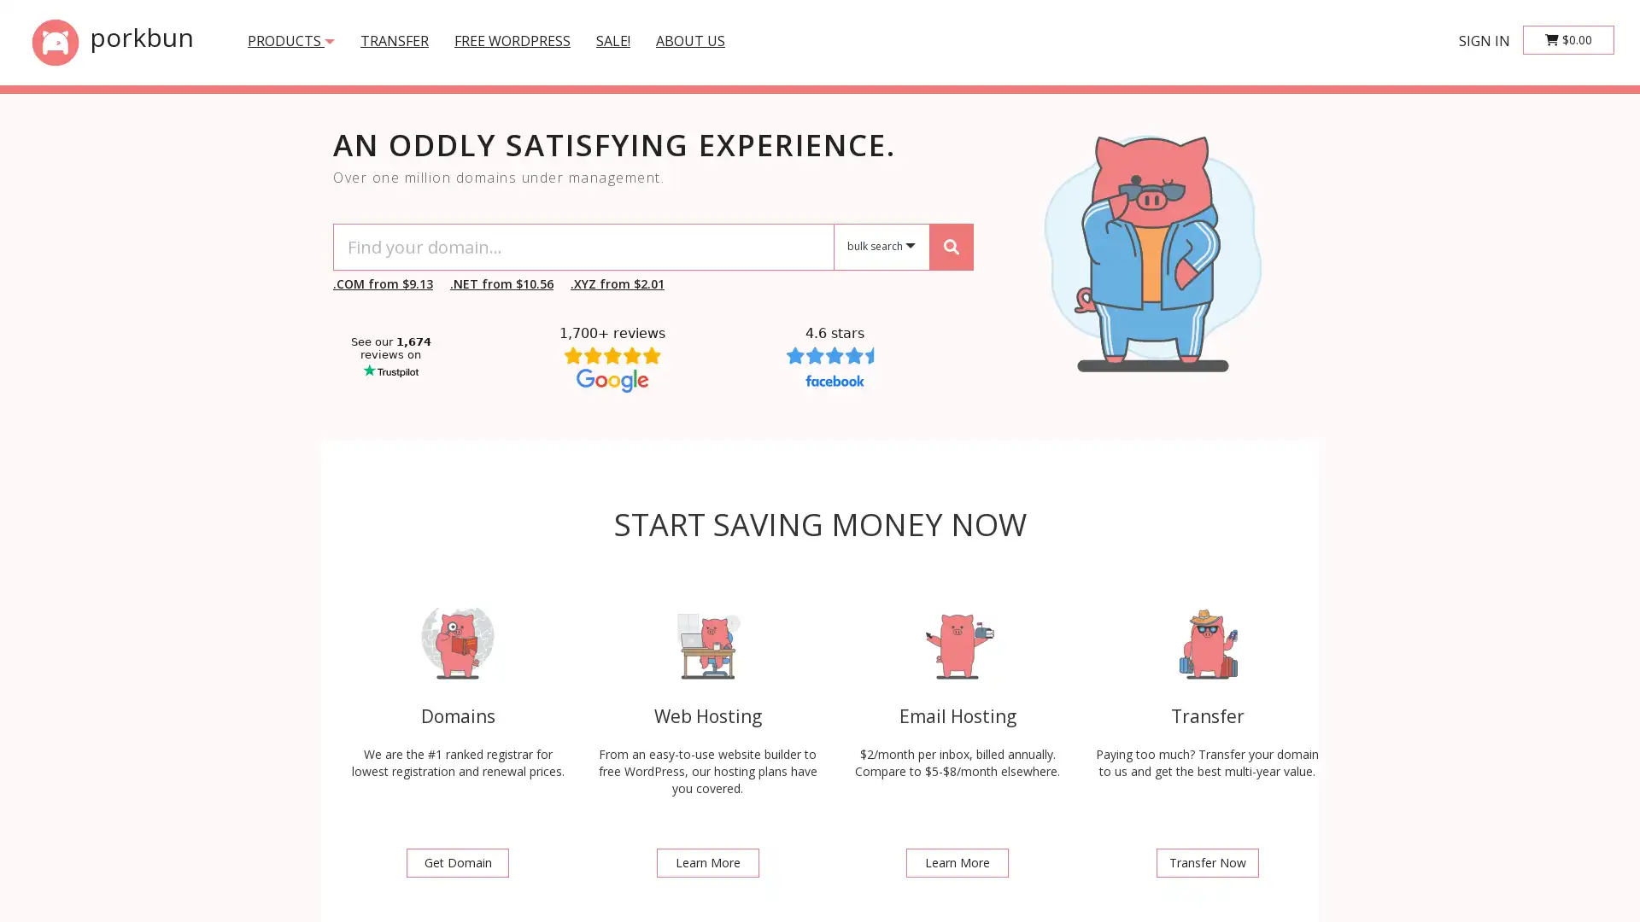 Image resolution: width=1640 pixels, height=922 pixels. Describe the element at coordinates (881, 247) in the screenshot. I see `open bulk search` at that location.